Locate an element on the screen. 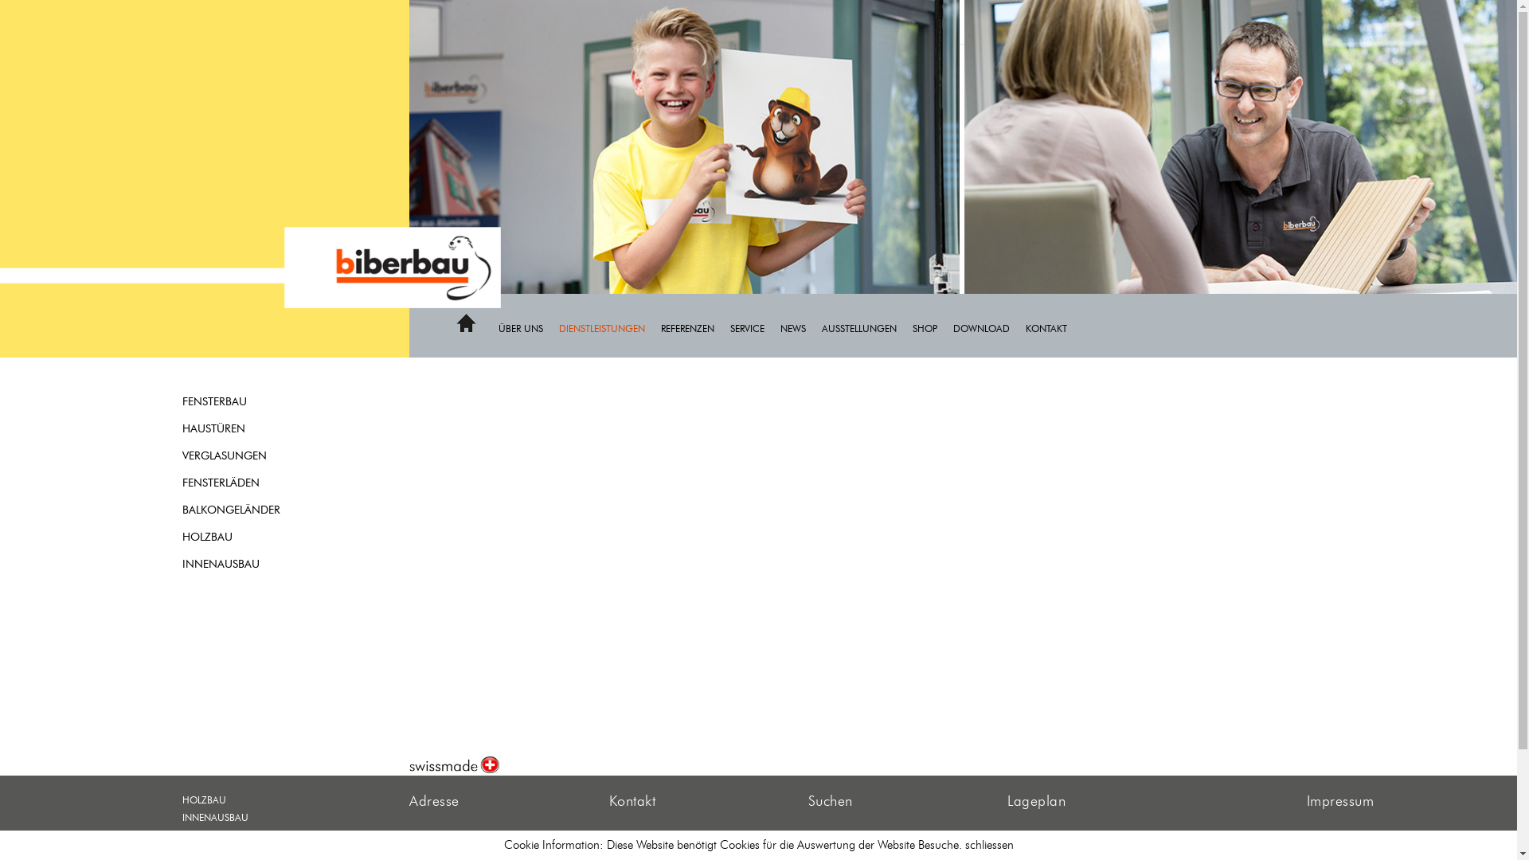 This screenshot has height=860, width=1529. 'FENSTERBAU' is located at coordinates (252, 401).